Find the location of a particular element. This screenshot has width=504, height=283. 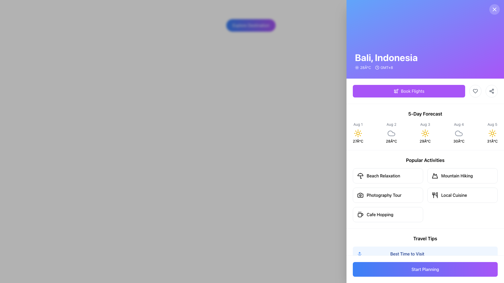

the text label displaying the temperature '28°C' in the bottom section of the weather information for August 2nd is located at coordinates (391, 141).